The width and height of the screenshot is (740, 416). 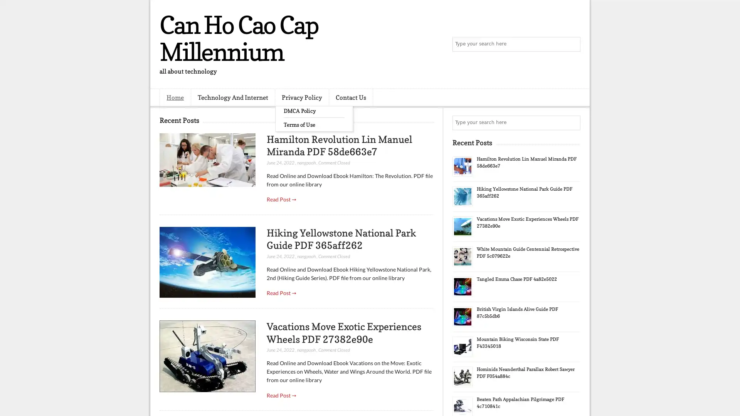 I want to click on Search, so click(x=572, y=122).